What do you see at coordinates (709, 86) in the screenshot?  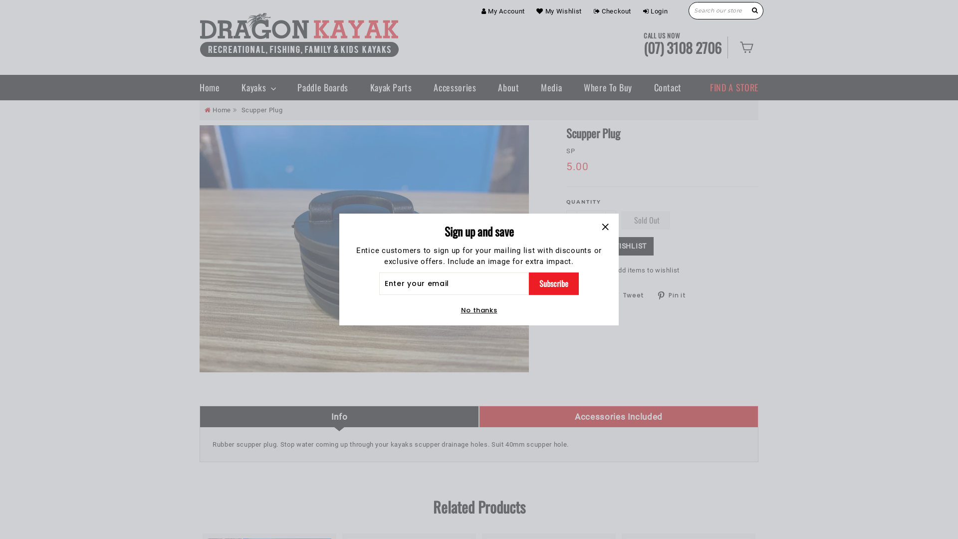 I see `'FIND A STORE'` at bounding box center [709, 86].